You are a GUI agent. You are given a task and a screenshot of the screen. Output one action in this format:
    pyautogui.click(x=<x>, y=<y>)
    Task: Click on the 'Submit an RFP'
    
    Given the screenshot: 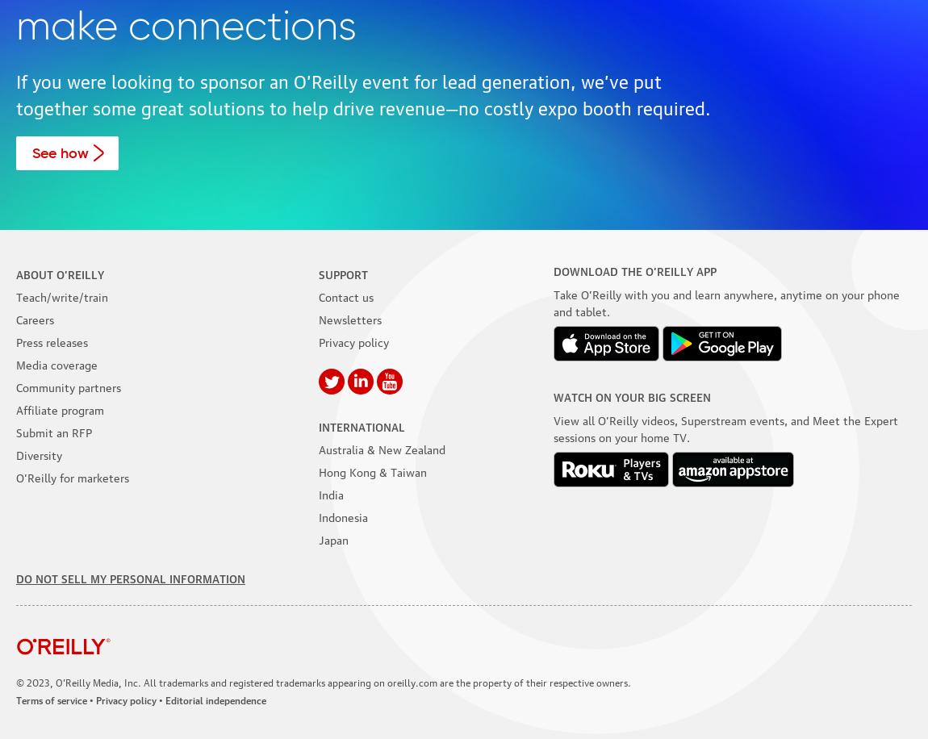 What is the action you would take?
    pyautogui.click(x=53, y=430)
    